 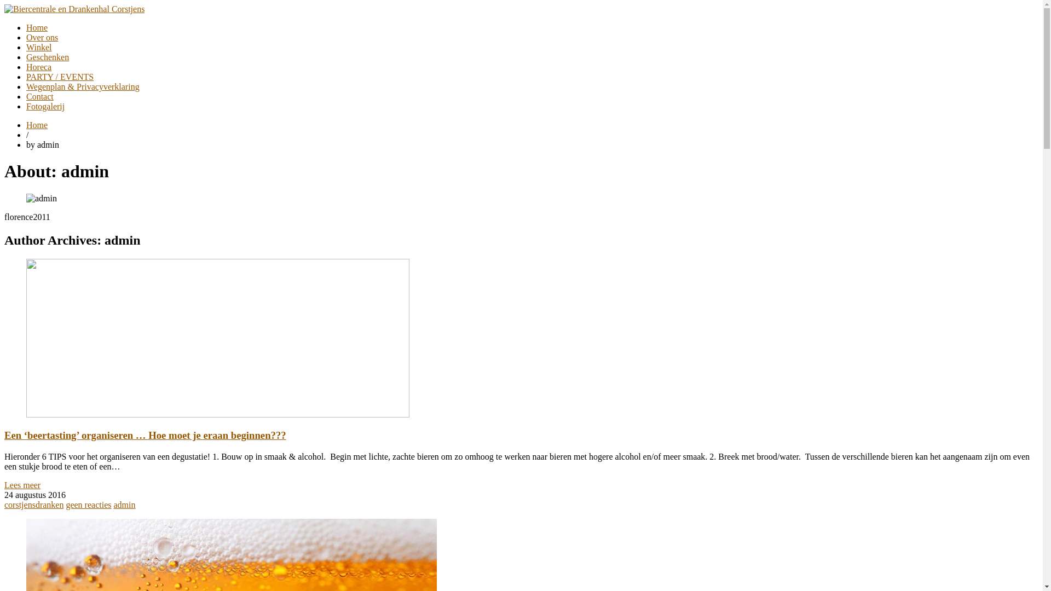 What do you see at coordinates (59, 76) in the screenshot?
I see `'PARTY / EVENTS'` at bounding box center [59, 76].